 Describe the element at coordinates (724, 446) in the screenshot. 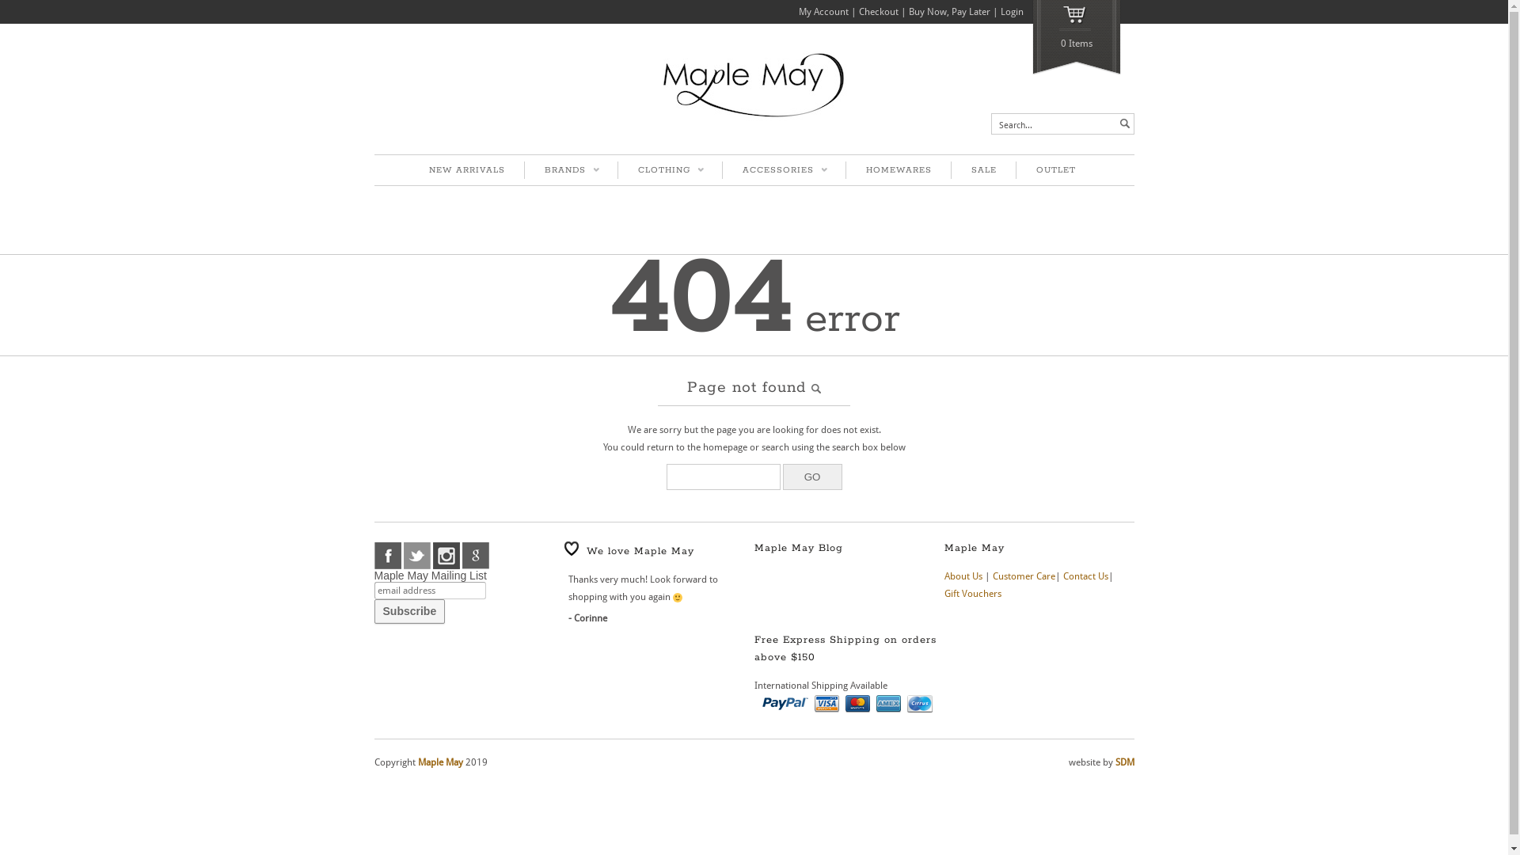

I see `'homepage'` at that location.